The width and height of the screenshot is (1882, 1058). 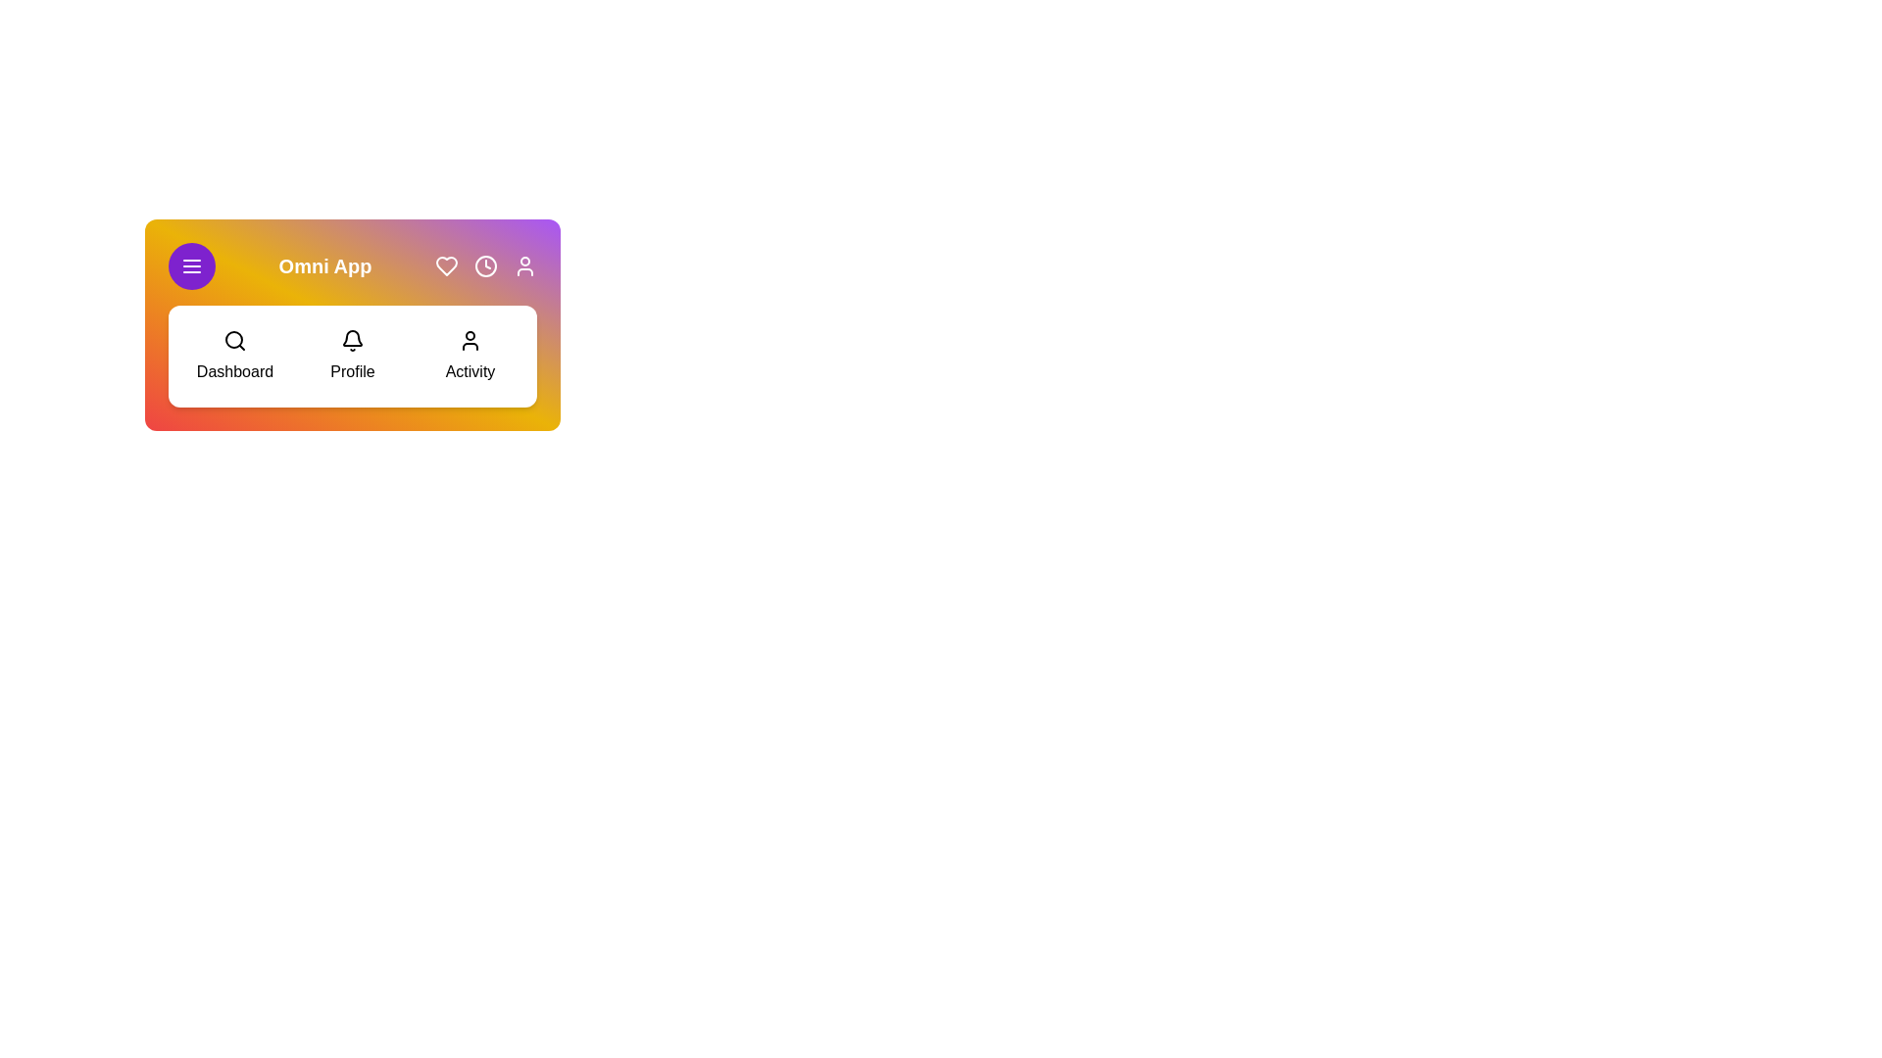 I want to click on the 'Heart' icon in the top-right corner of the StylishAppBar, so click(x=446, y=266).